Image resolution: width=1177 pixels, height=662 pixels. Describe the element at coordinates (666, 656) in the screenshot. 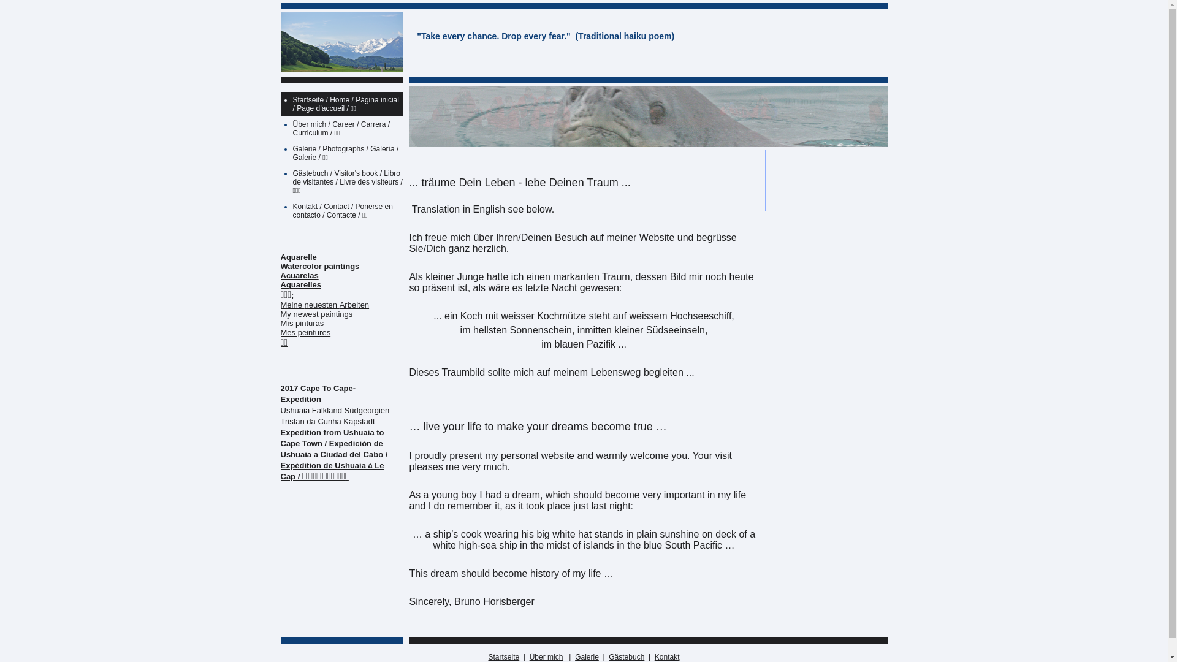

I see `'Kontakt'` at that location.